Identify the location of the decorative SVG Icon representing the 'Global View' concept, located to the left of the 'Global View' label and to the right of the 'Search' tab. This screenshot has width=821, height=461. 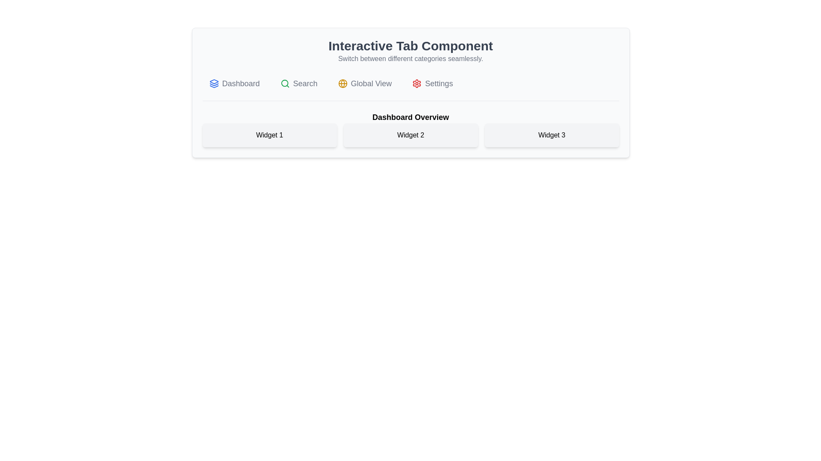
(343, 84).